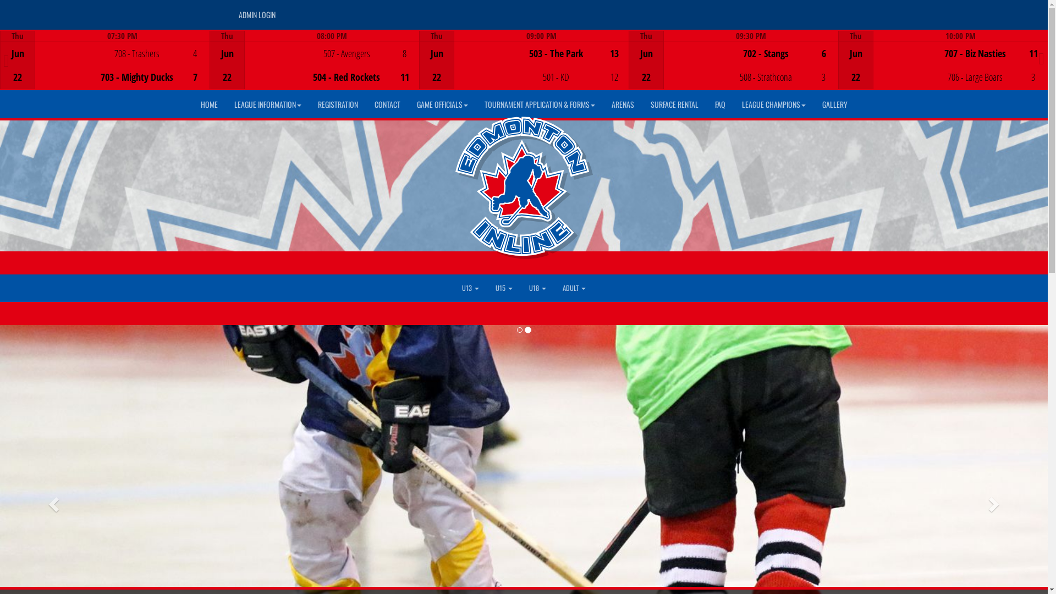  I want to click on 'GALLERY', so click(813, 104).